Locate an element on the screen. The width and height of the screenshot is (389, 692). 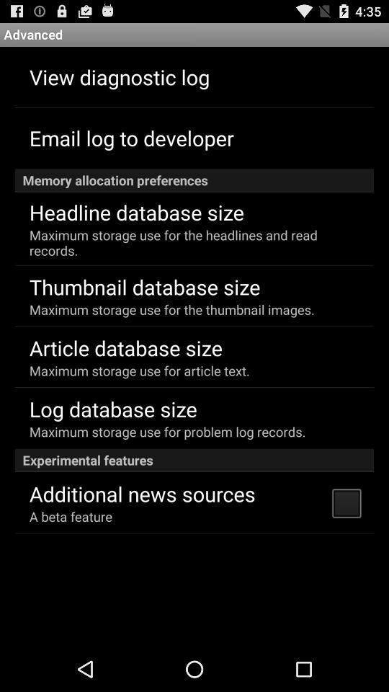
app at the bottom left corner is located at coordinates (70, 516).